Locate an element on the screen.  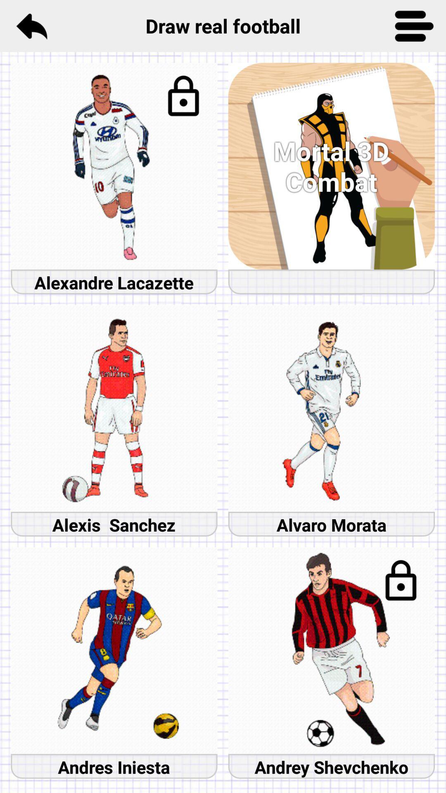
the reply icon is located at coordinates (31, 26).